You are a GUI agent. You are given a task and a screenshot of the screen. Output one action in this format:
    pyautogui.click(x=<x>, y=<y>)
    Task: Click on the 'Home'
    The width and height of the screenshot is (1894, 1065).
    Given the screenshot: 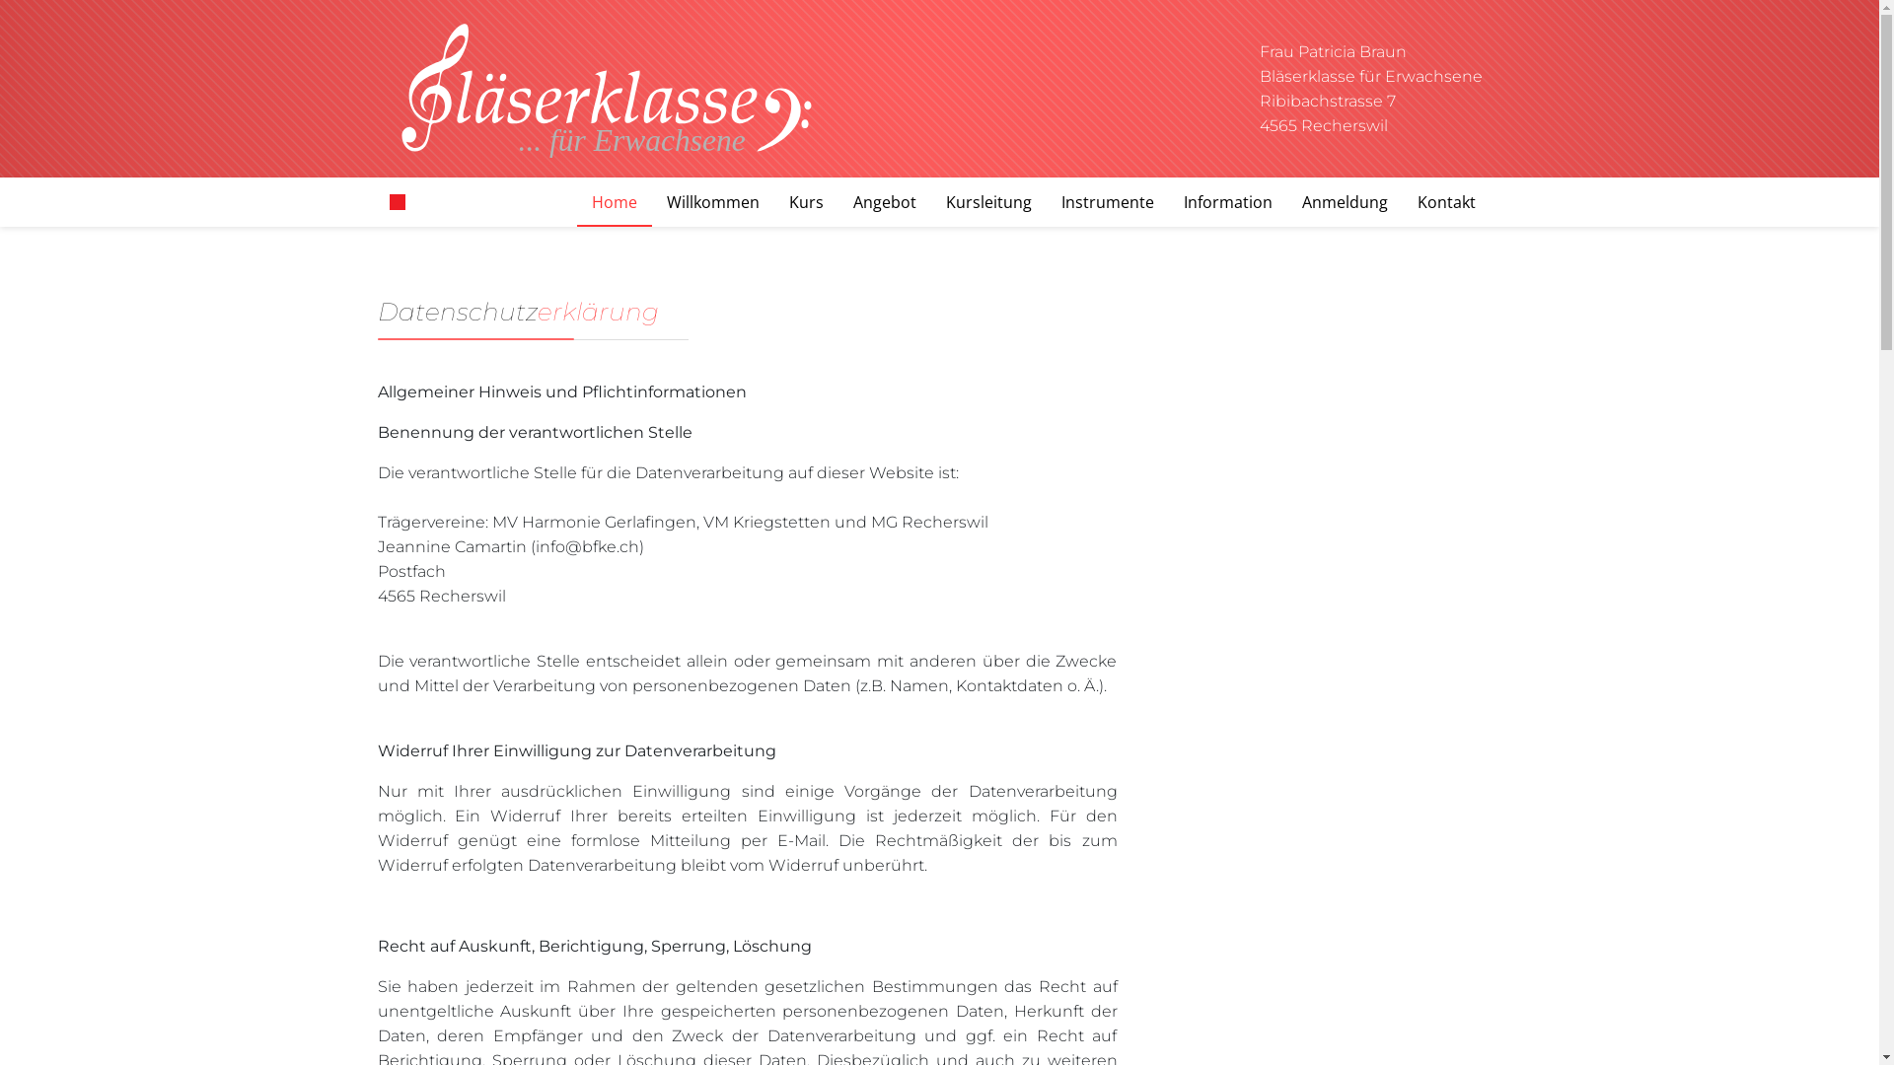 What is the action you would take?
    pyautogui.click(x=613, y=201)
    